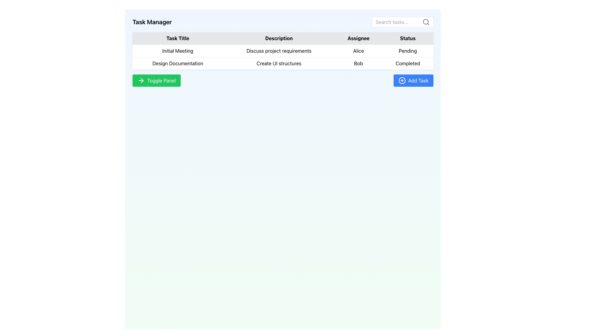  Describe the element at coordinates (141, 80) in the screenshot. I see `the arrow icon on the left side of the green 'Toggle Panel' button located in the lower-left quadrant of the interface` at that location.